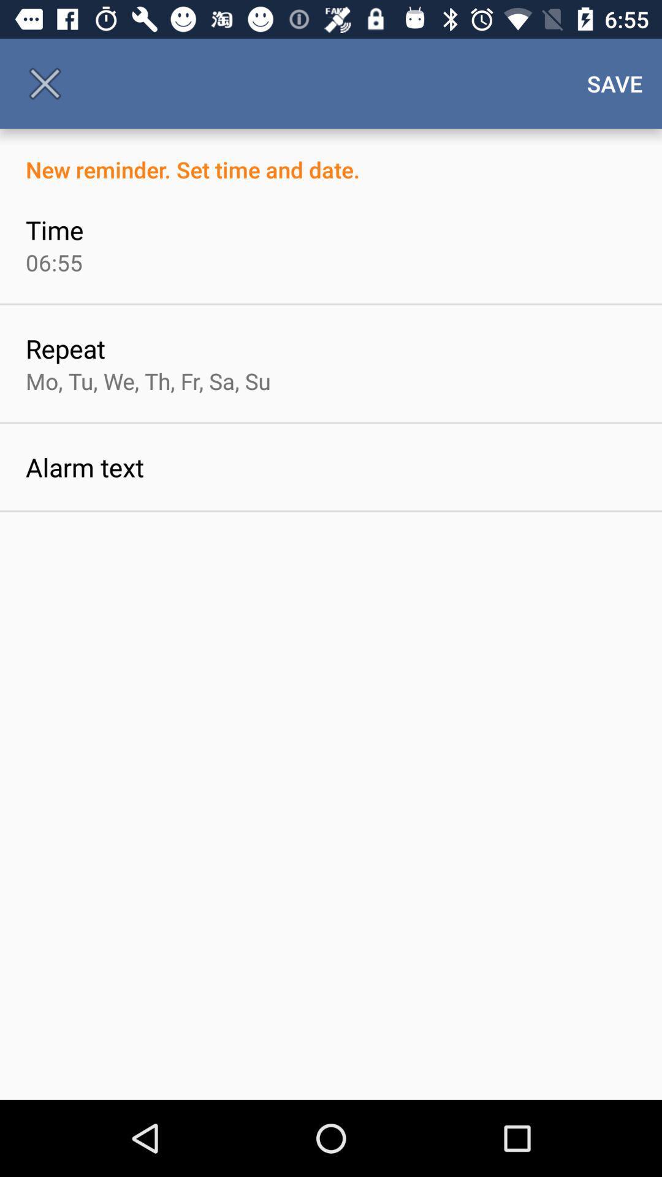 The image size is (662, 1177). Describe the element at coordinates (331, 156) in the screenshot. I see `the new reminder set item` at that location.